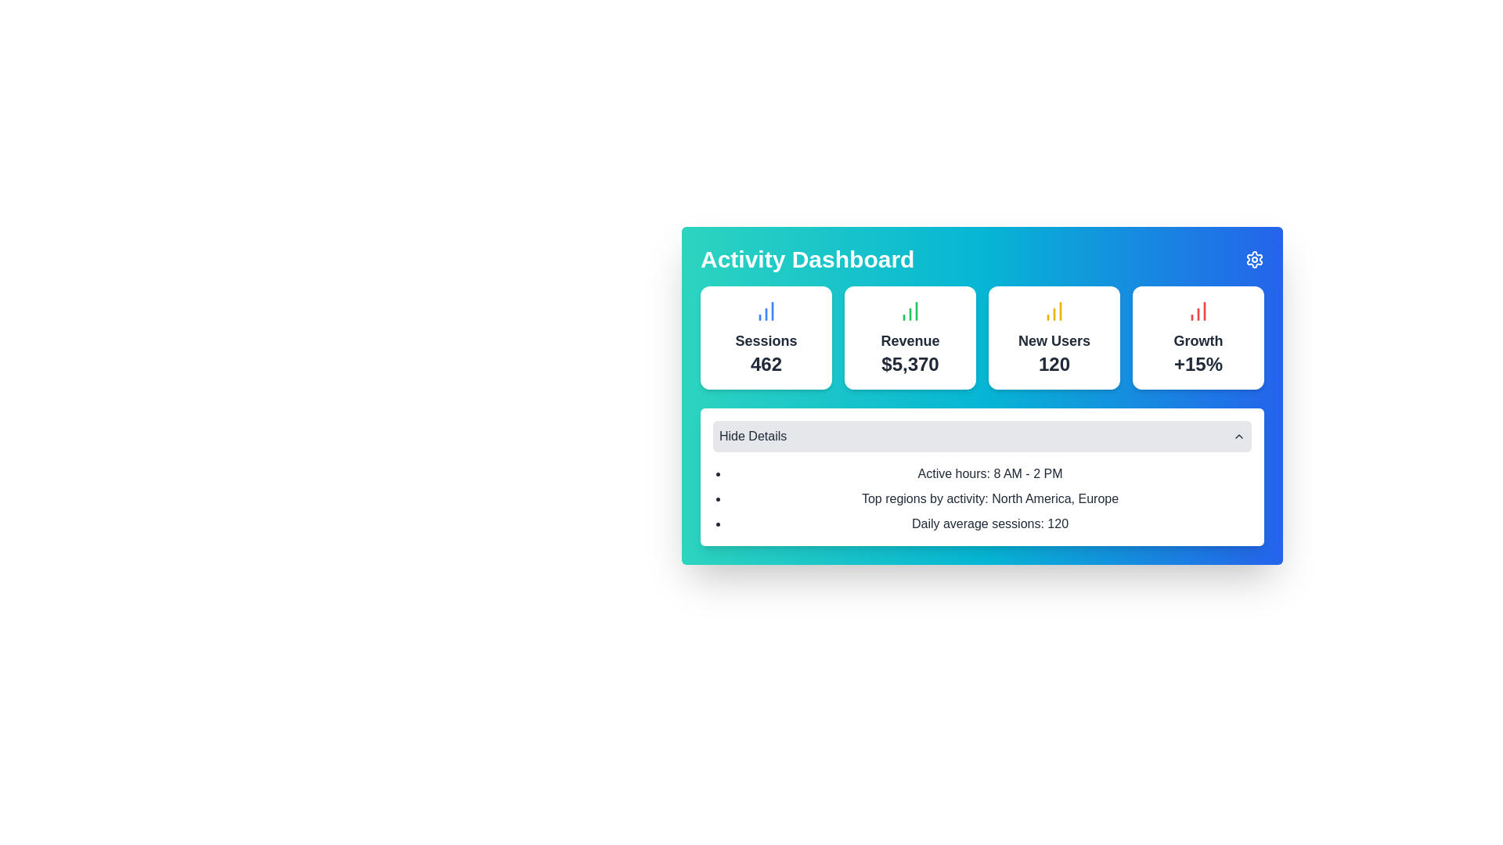  What do you see at coordinates (910, 337) in the screenshot?
I see `the information displayed in the second informational card titled 'Revenue' which shows the value '$5,370'` at bounding box center [910, 337].